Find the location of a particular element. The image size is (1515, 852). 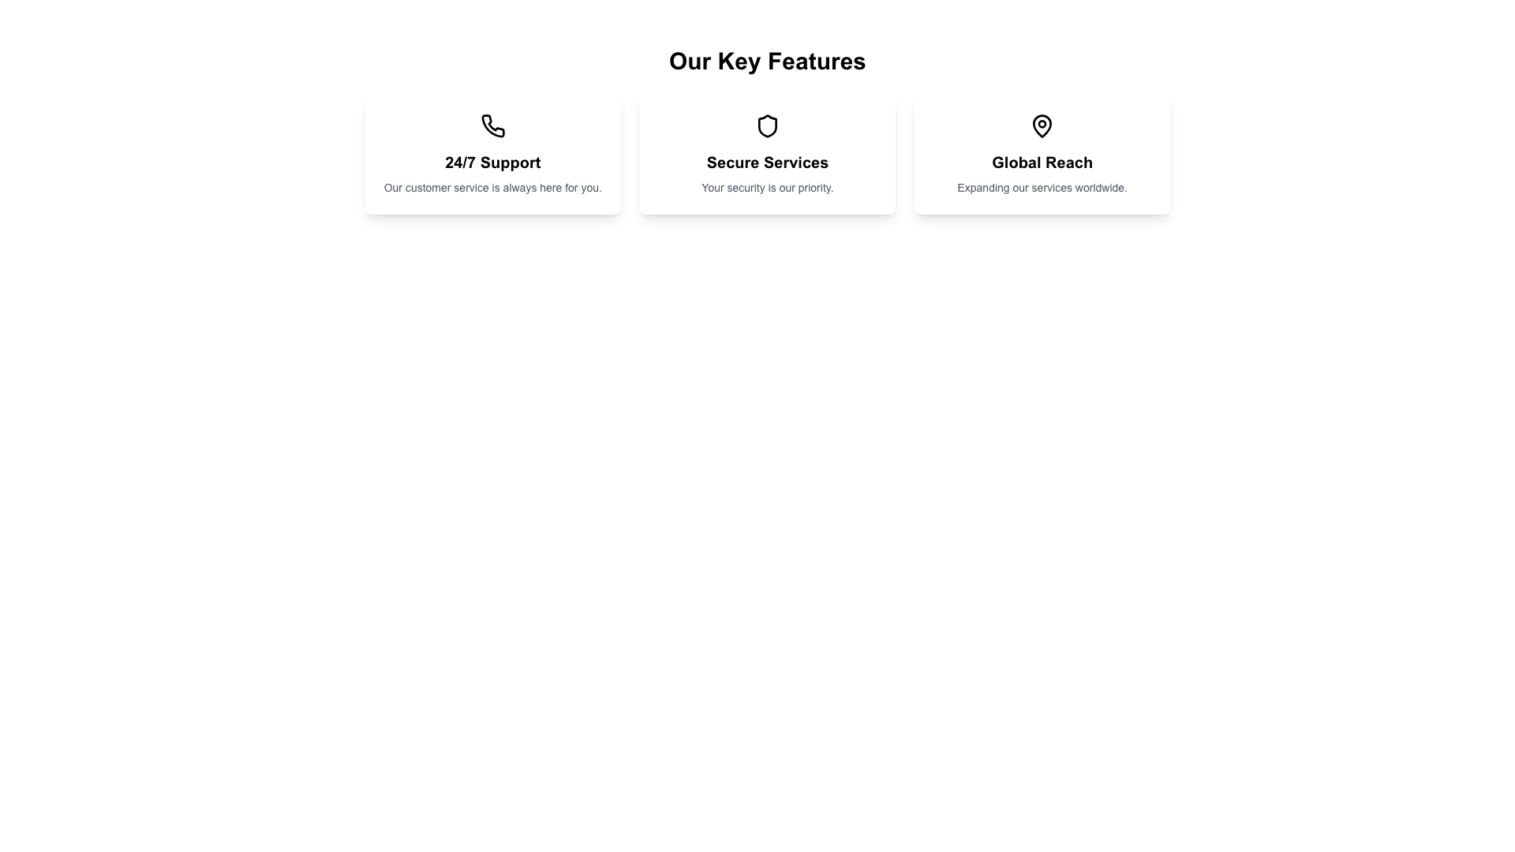

the shield-shaped icon symbolizing security, located above the text 'Secure Services' in the center panel of the layout is located at coordinates (768, 125).